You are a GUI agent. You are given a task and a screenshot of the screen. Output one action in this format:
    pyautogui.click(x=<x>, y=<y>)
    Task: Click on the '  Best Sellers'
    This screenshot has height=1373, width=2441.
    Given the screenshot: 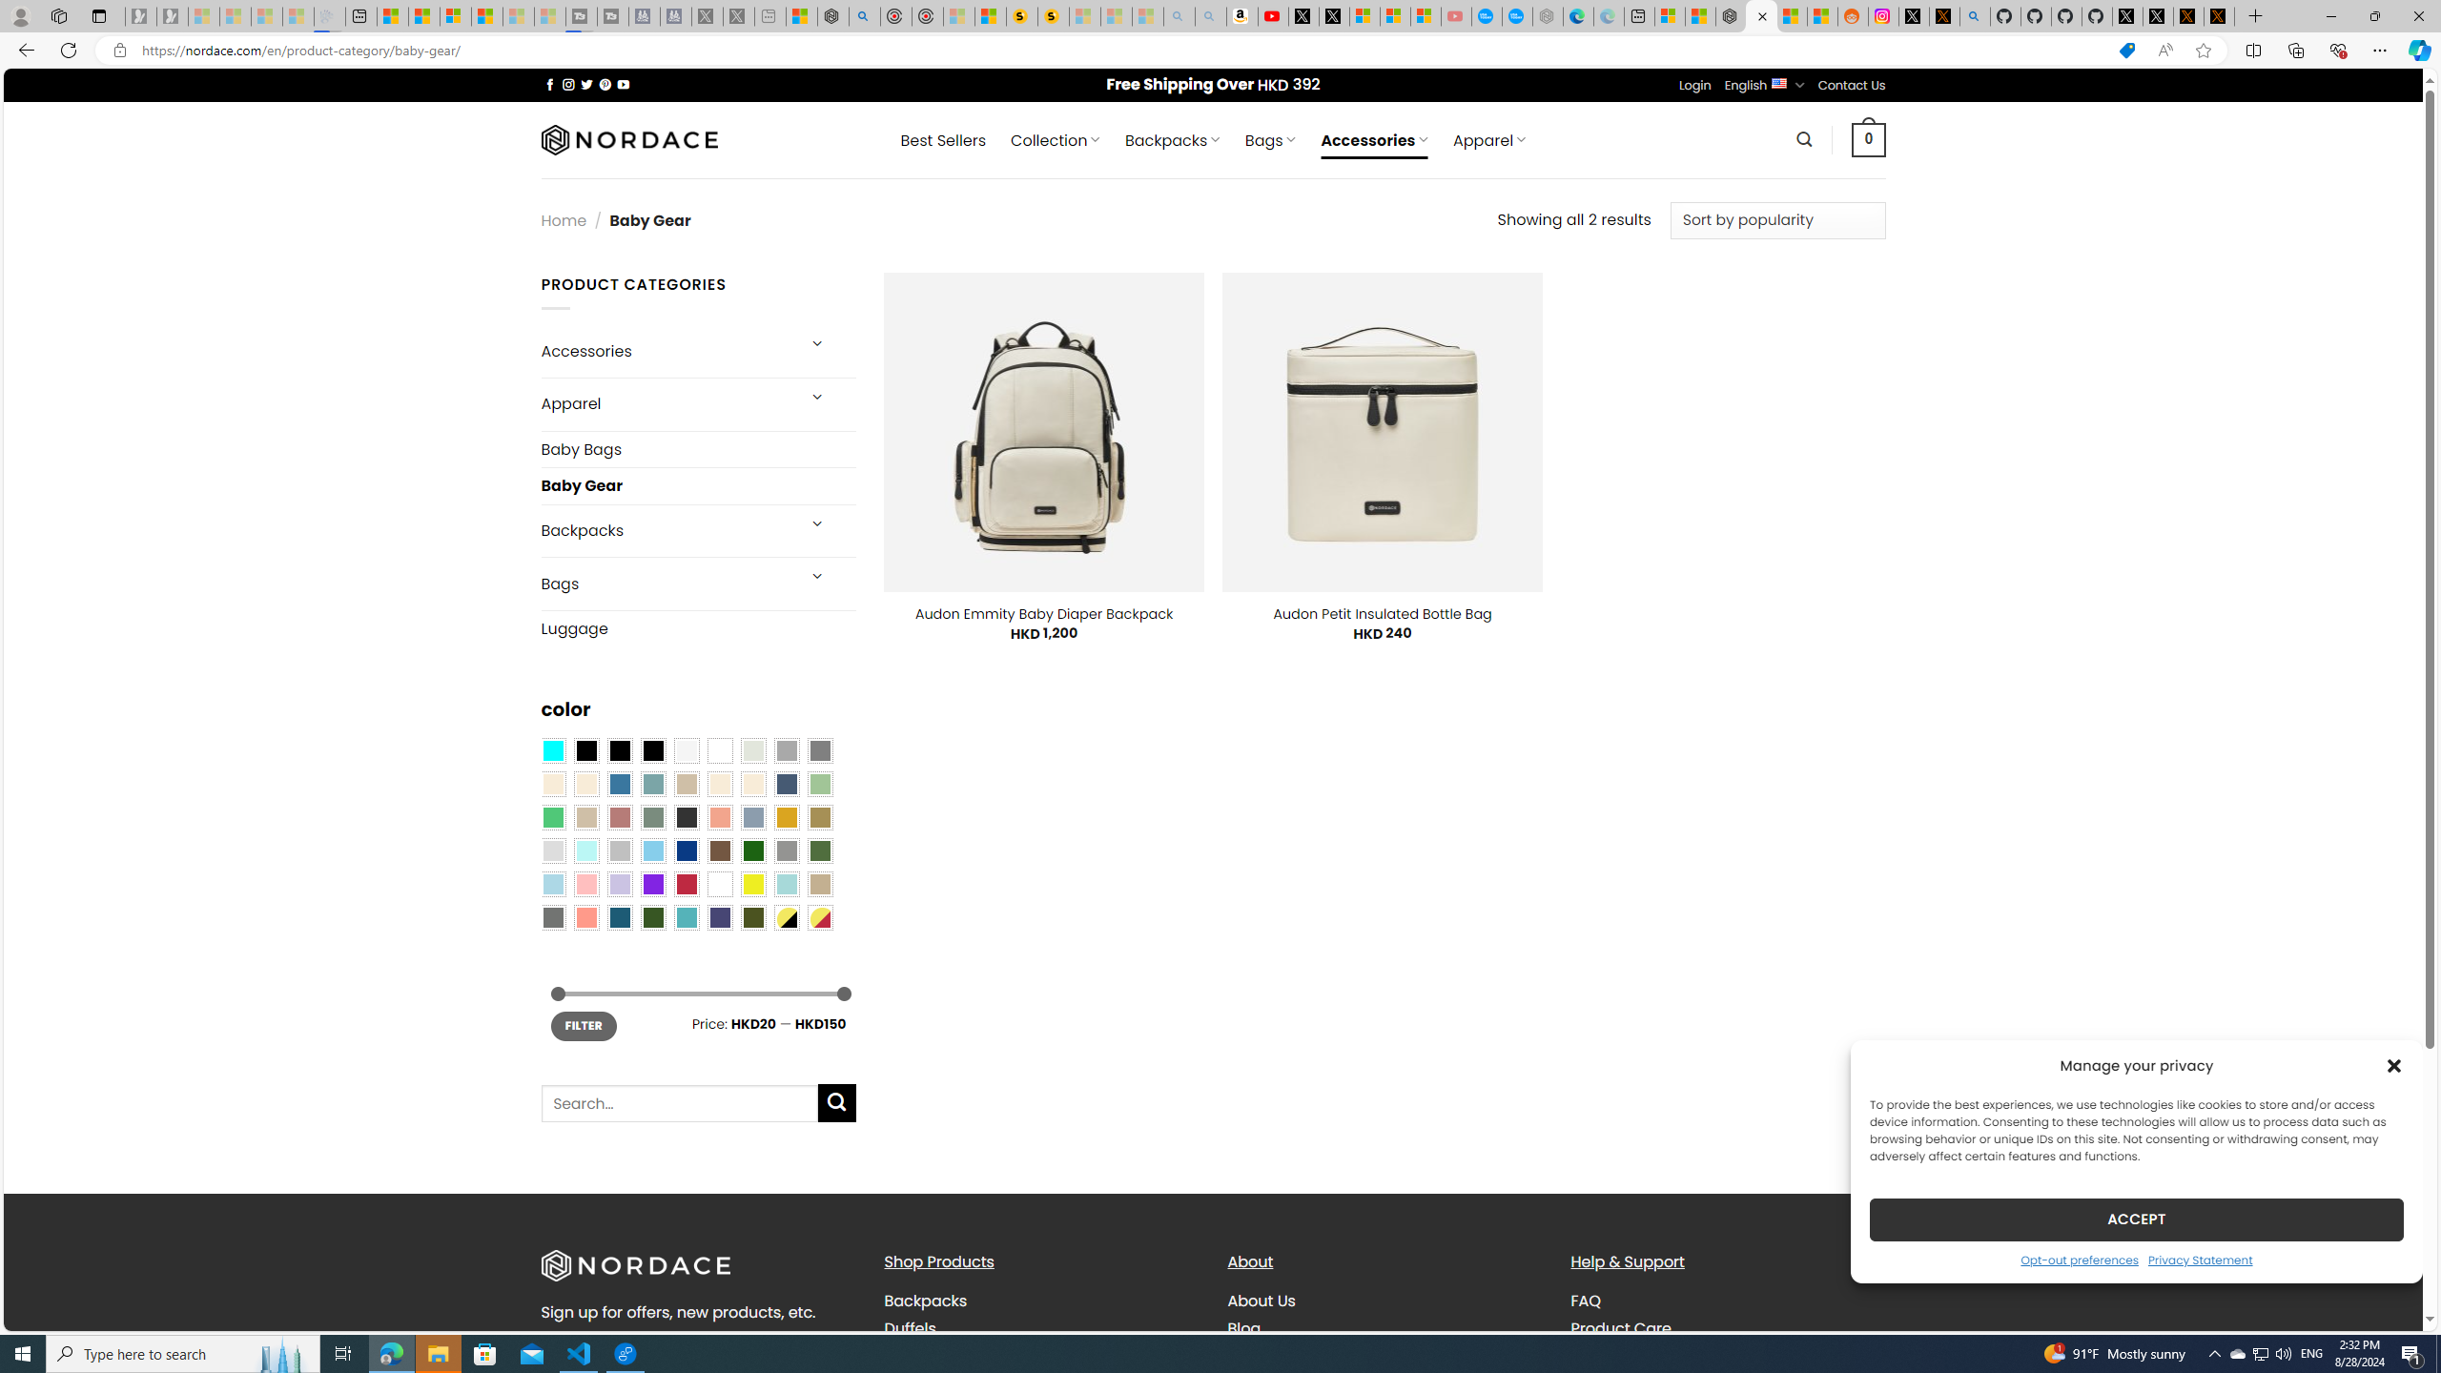 What is the action you would take?
    pyautogui.click(x=942, y=139)
    